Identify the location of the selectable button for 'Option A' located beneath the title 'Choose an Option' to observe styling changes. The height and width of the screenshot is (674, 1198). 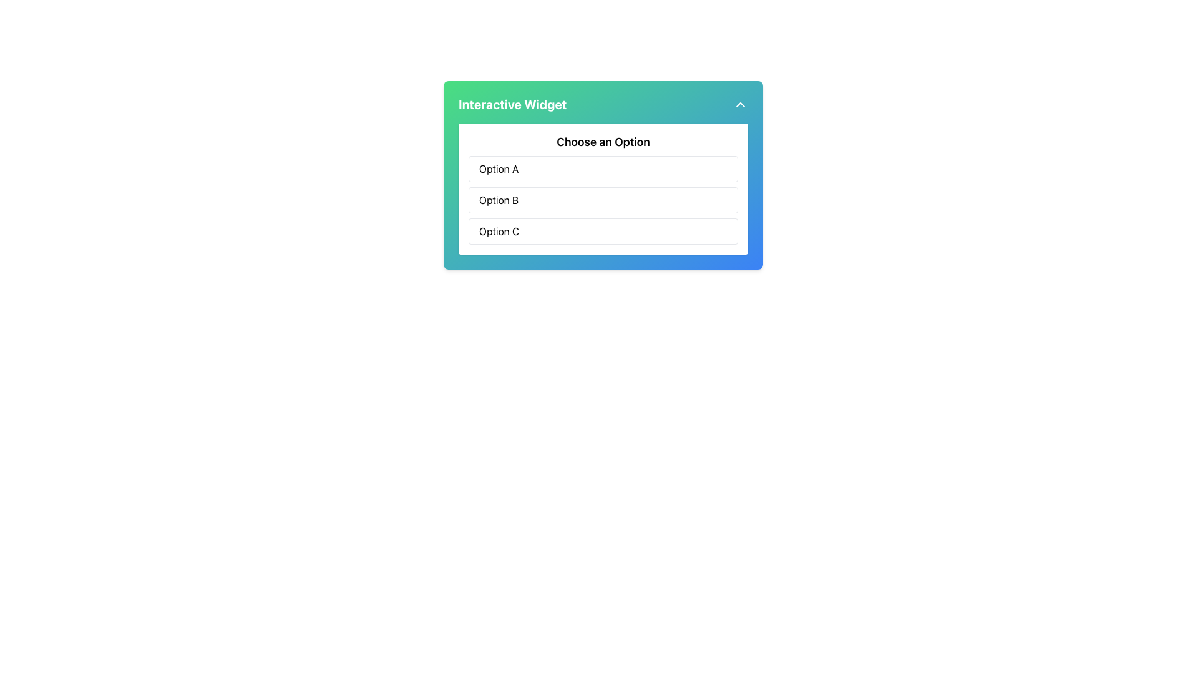
(603, 168).